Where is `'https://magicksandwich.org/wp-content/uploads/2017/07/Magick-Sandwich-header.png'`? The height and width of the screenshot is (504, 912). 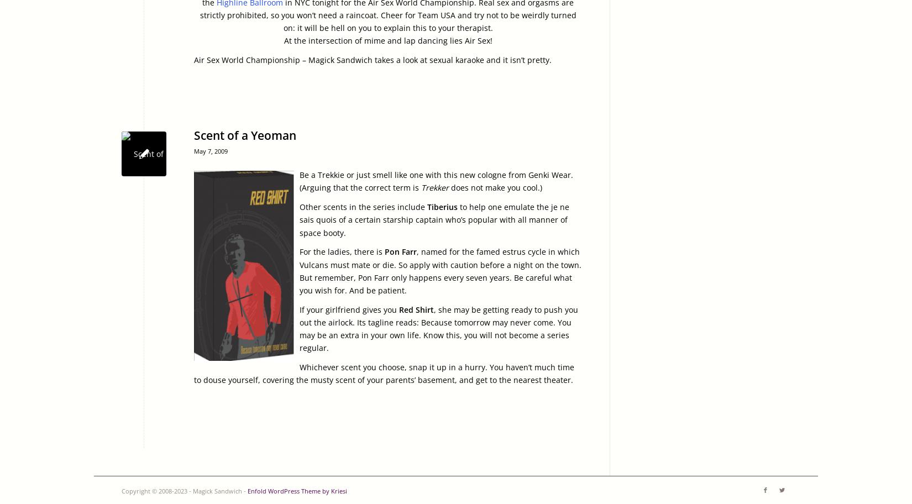
'https://magicksandwich.org/wp-content/uploads/2017/07/Magick-Sandwich-header.png' is located at coordinates (284, 147).